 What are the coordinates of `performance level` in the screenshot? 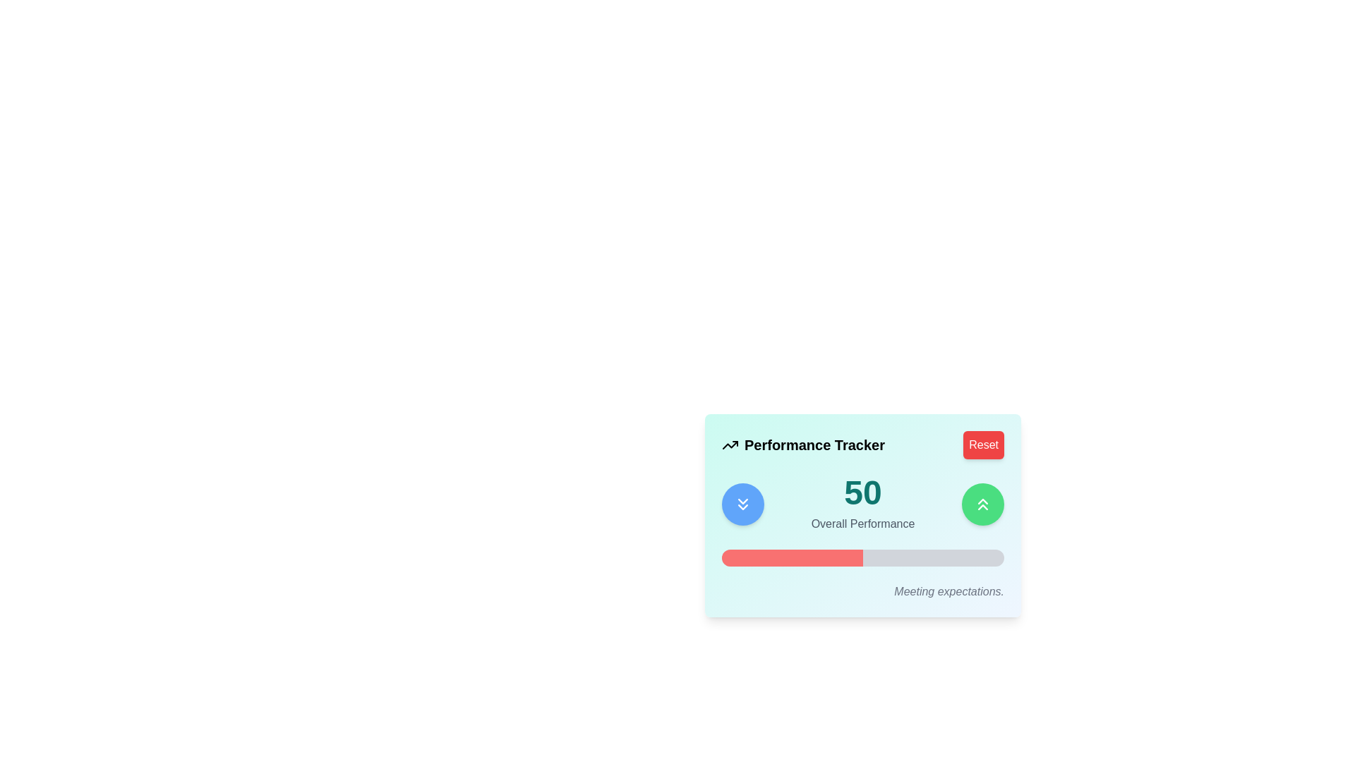 It's located at (981, 557).